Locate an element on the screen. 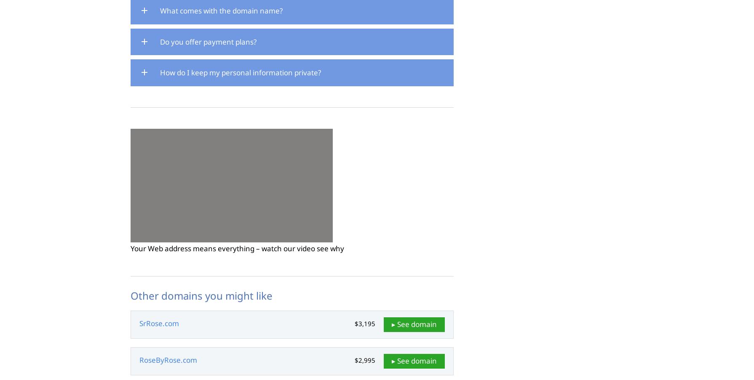 This screenshot has width=754, height=380. '$2,995' is located at coordinates (364, 360).